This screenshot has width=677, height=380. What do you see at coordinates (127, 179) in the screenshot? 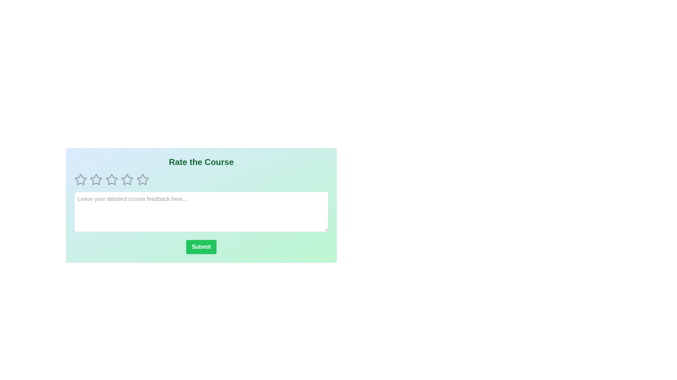
I see `the course rating to 4 stars by clicking on the corresponding star` at bounding box center [127, 179].